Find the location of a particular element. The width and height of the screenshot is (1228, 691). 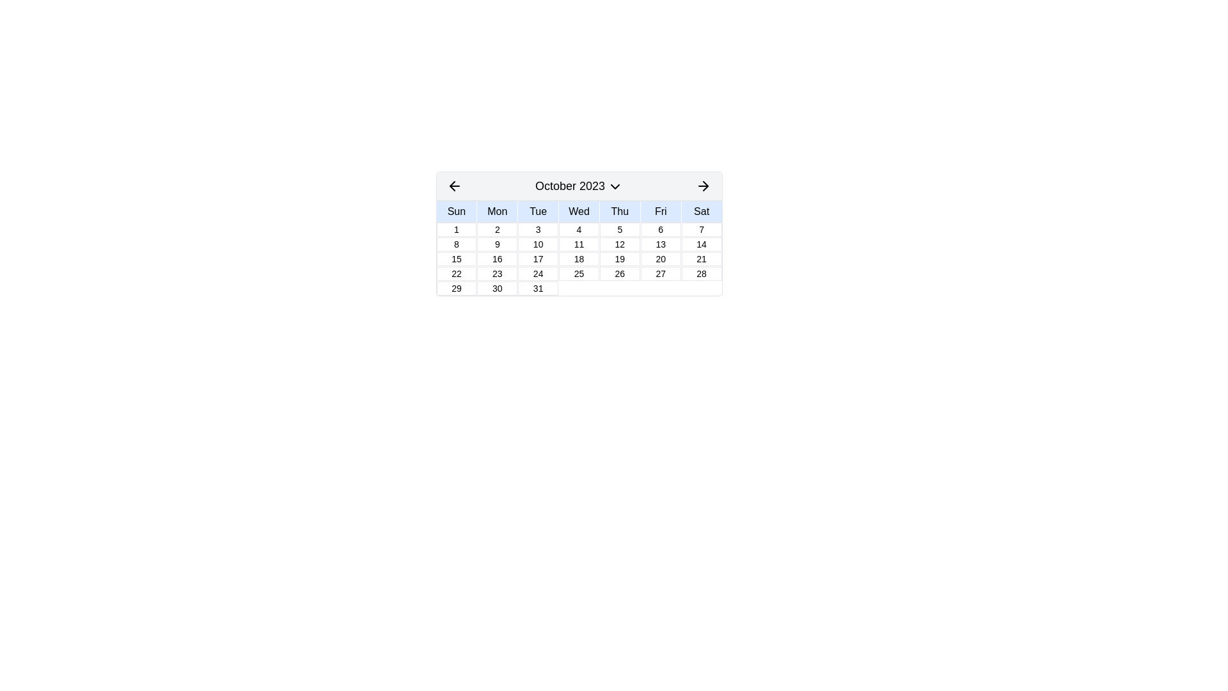

text 'Thu' from the label displaying the day of the week in a calendar interface, which is the fifth cell in a horizontal row of day names is located at coordinates (620, 211).